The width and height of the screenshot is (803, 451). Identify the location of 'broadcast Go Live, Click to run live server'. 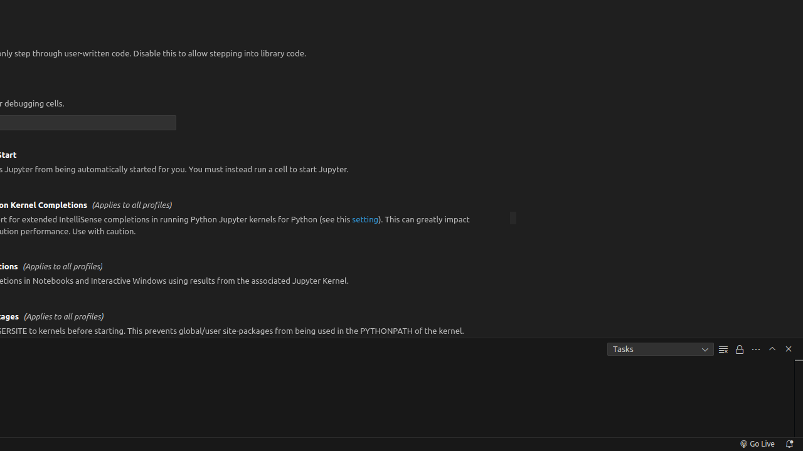
(756, 443).